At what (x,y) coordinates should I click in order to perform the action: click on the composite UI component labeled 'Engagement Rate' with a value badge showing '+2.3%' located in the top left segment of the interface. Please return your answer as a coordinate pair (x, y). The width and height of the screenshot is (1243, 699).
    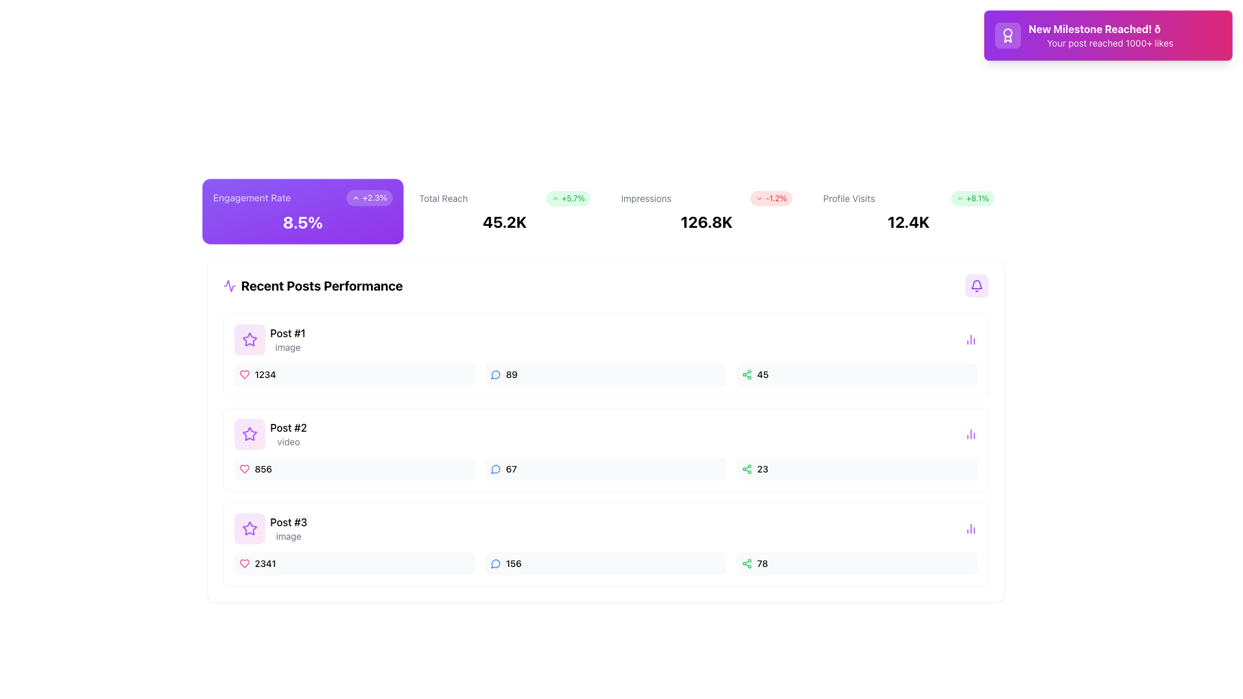
    Looking at the image, I should click on (302, 197).